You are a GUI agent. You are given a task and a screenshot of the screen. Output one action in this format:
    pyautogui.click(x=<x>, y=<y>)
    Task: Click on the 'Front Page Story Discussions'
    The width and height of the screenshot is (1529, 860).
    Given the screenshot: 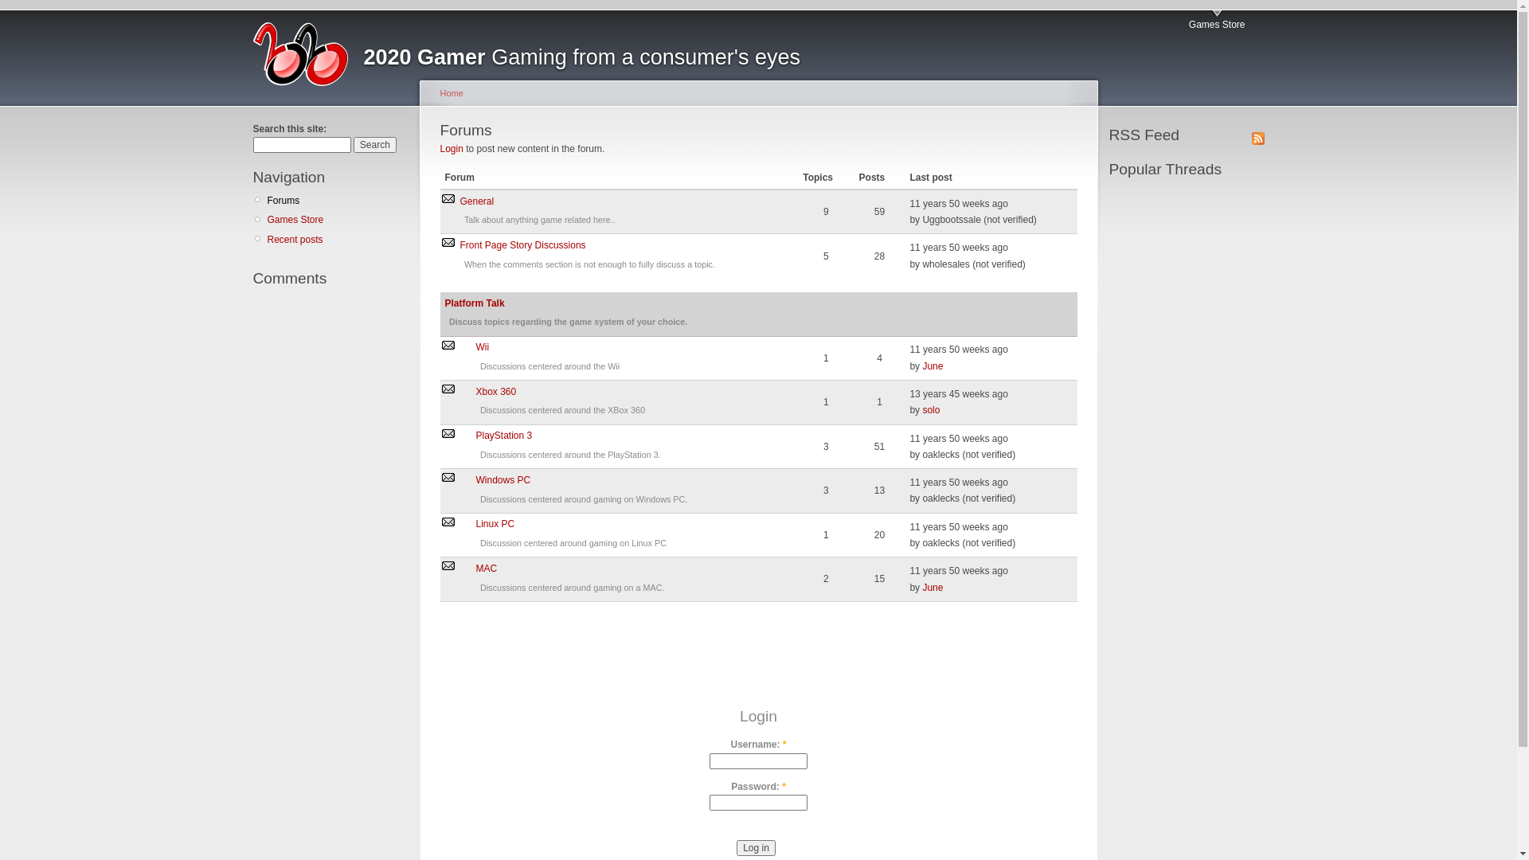 What is the action you would take?
    pyautogui.click(x=523, y=245)
    